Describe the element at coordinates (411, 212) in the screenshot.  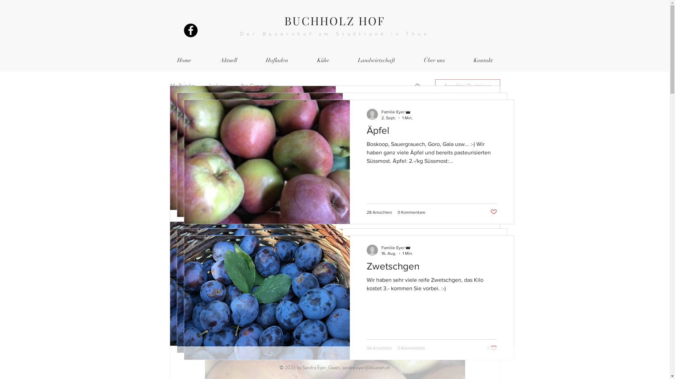
I see `'0 Kommentare'` at that location.